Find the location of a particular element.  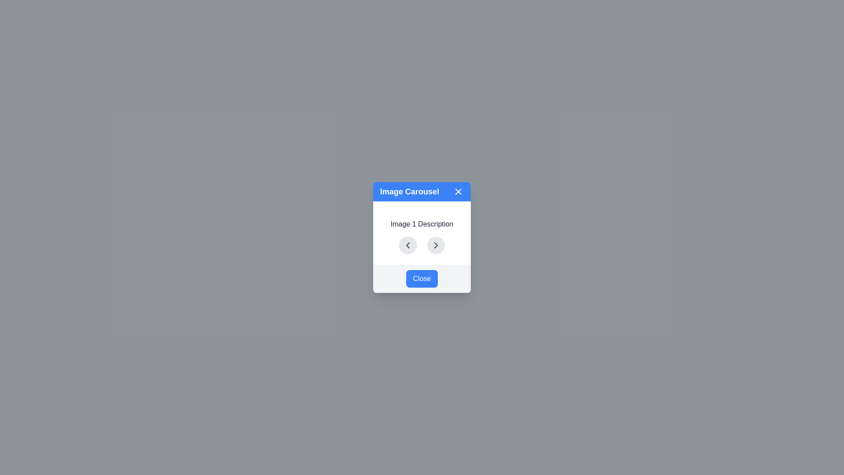

the previous image navigation button located at the bottom-left corner of the modal labeled 'Image Carousel' is located at coordinates (407, 245).